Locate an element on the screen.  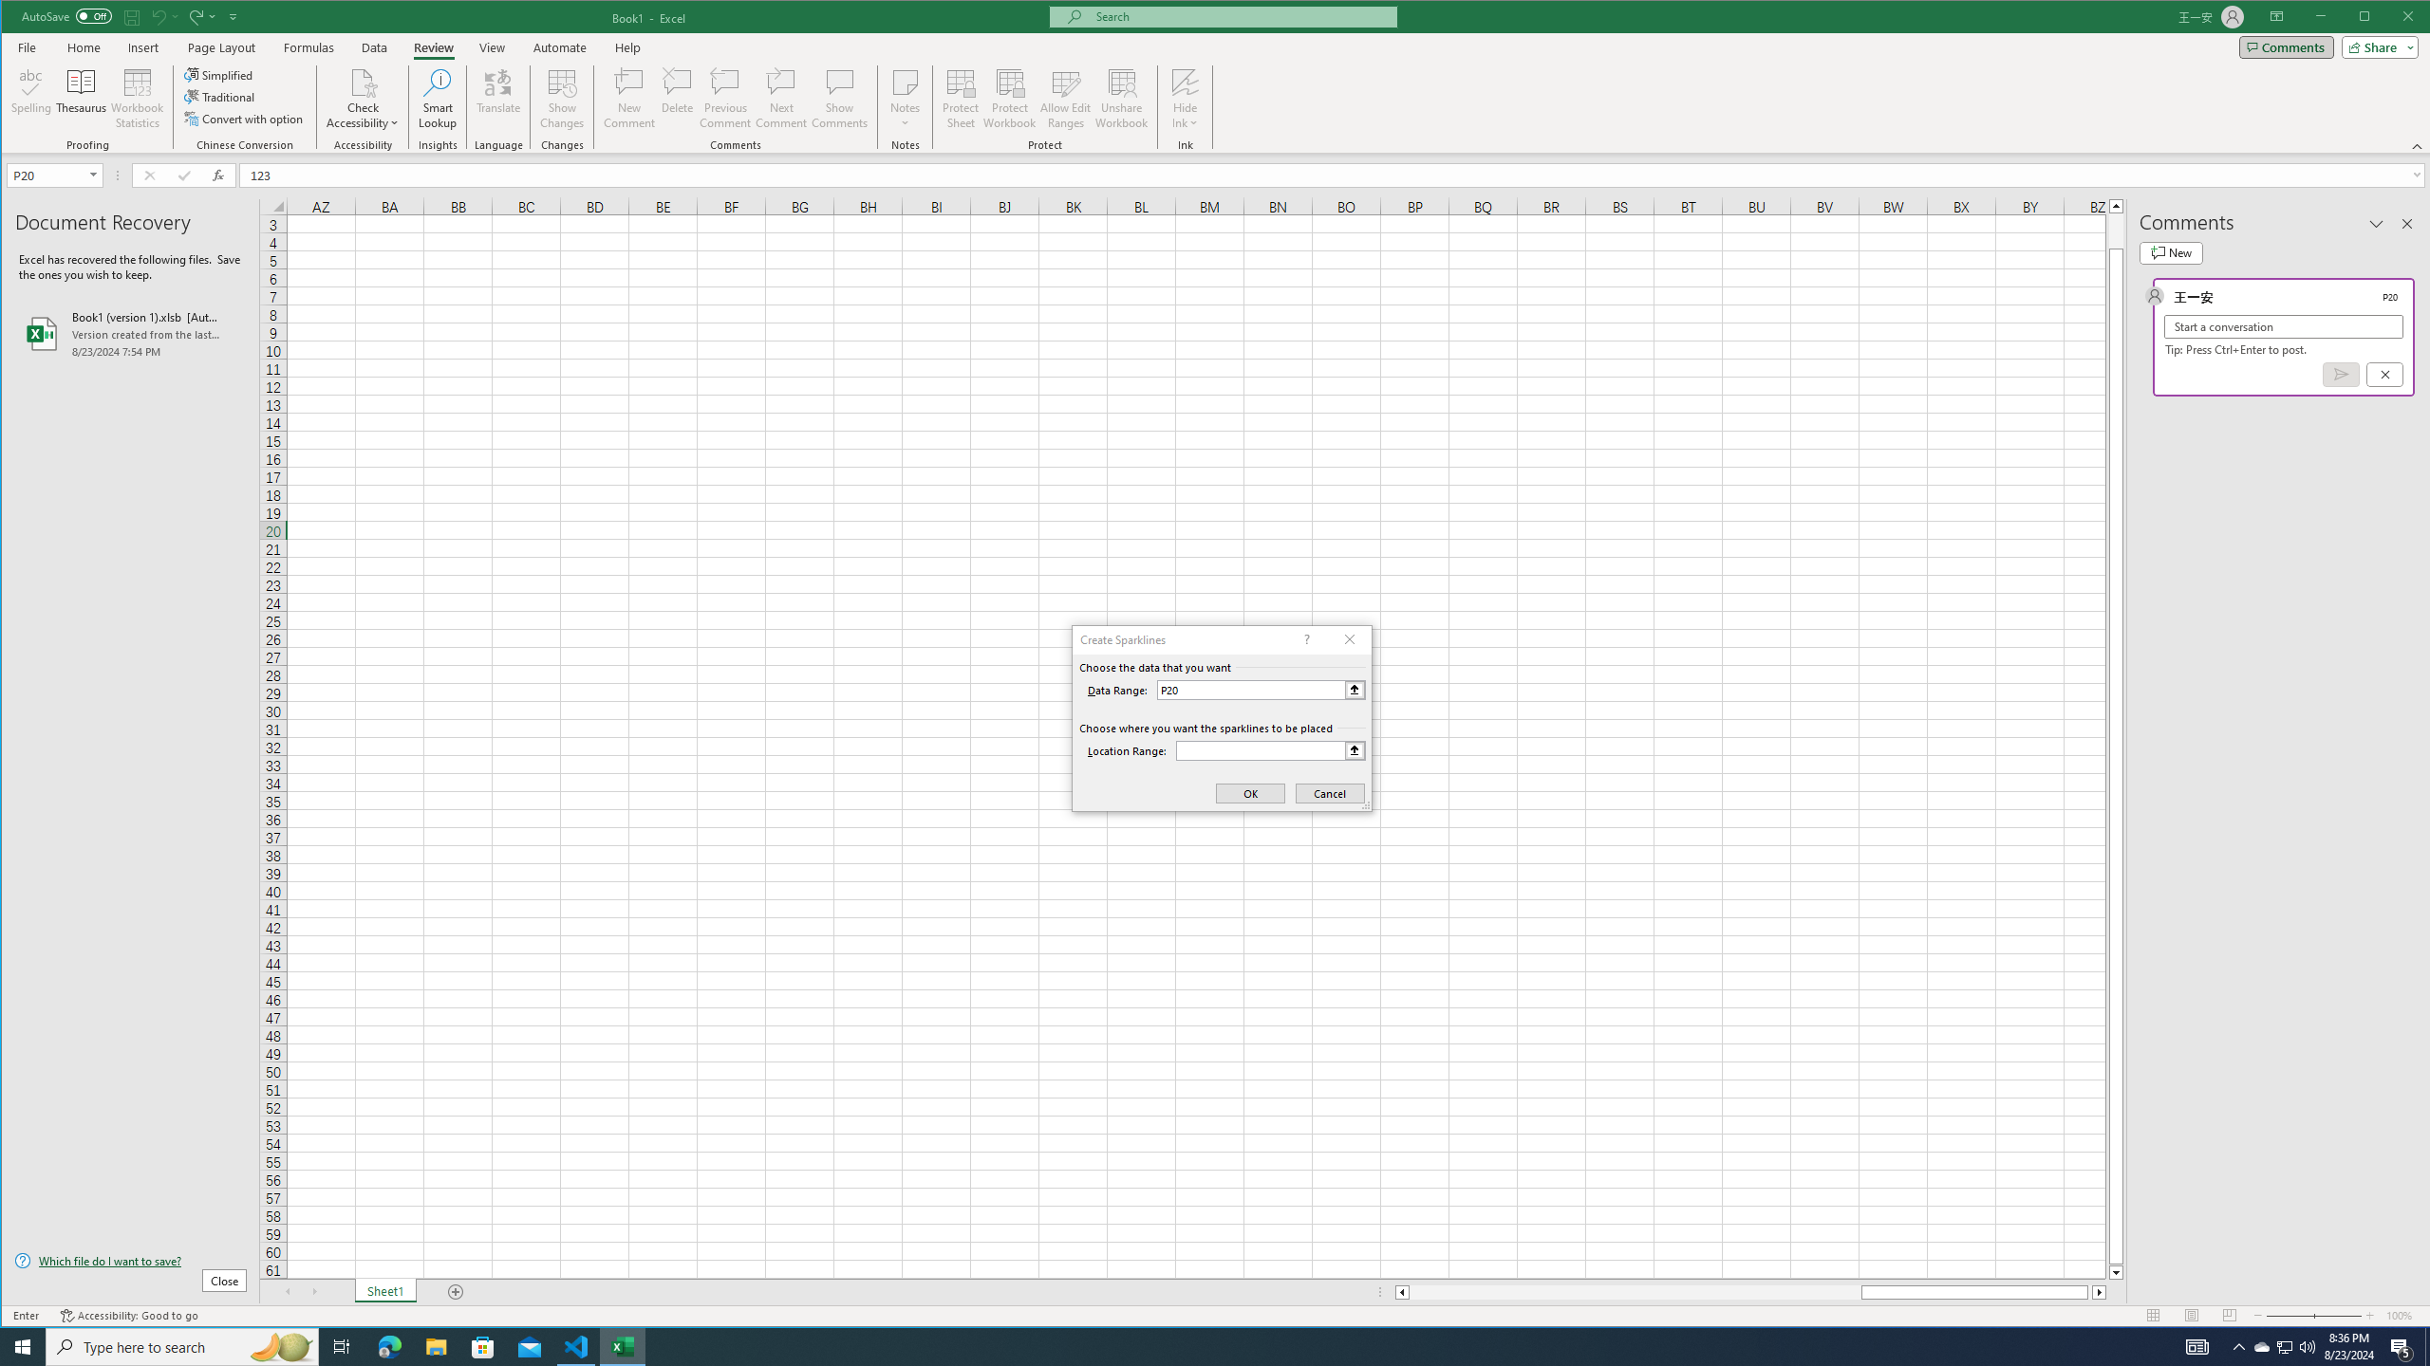
'Convert with option' is located at coordinates (244, 119).